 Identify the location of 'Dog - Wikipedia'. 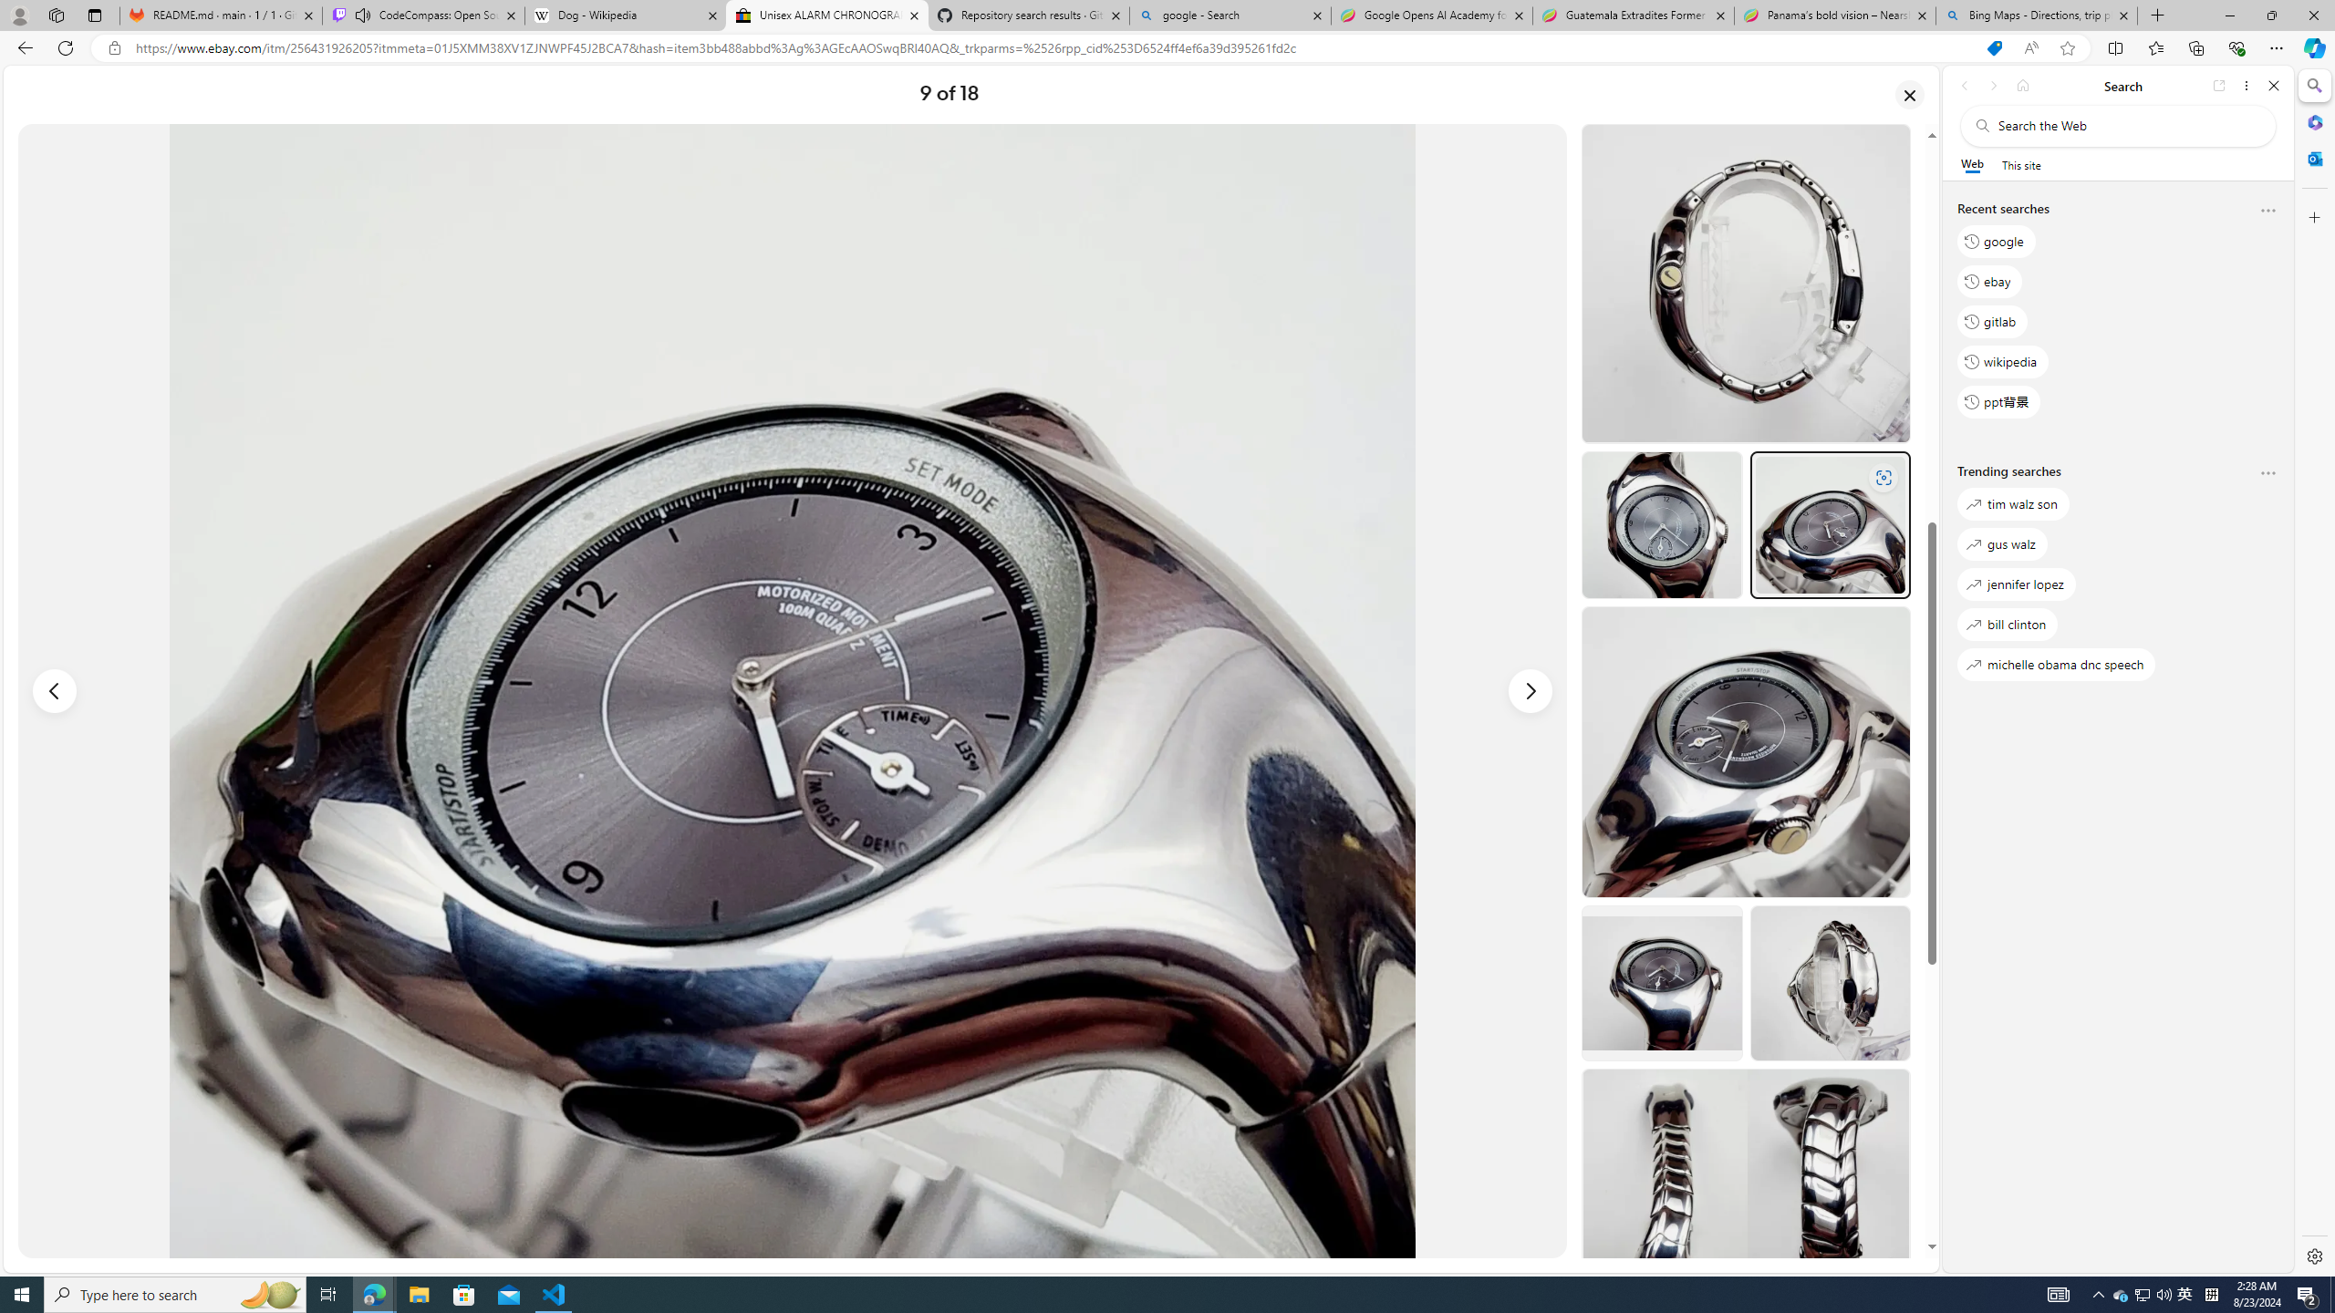
(624, 15).